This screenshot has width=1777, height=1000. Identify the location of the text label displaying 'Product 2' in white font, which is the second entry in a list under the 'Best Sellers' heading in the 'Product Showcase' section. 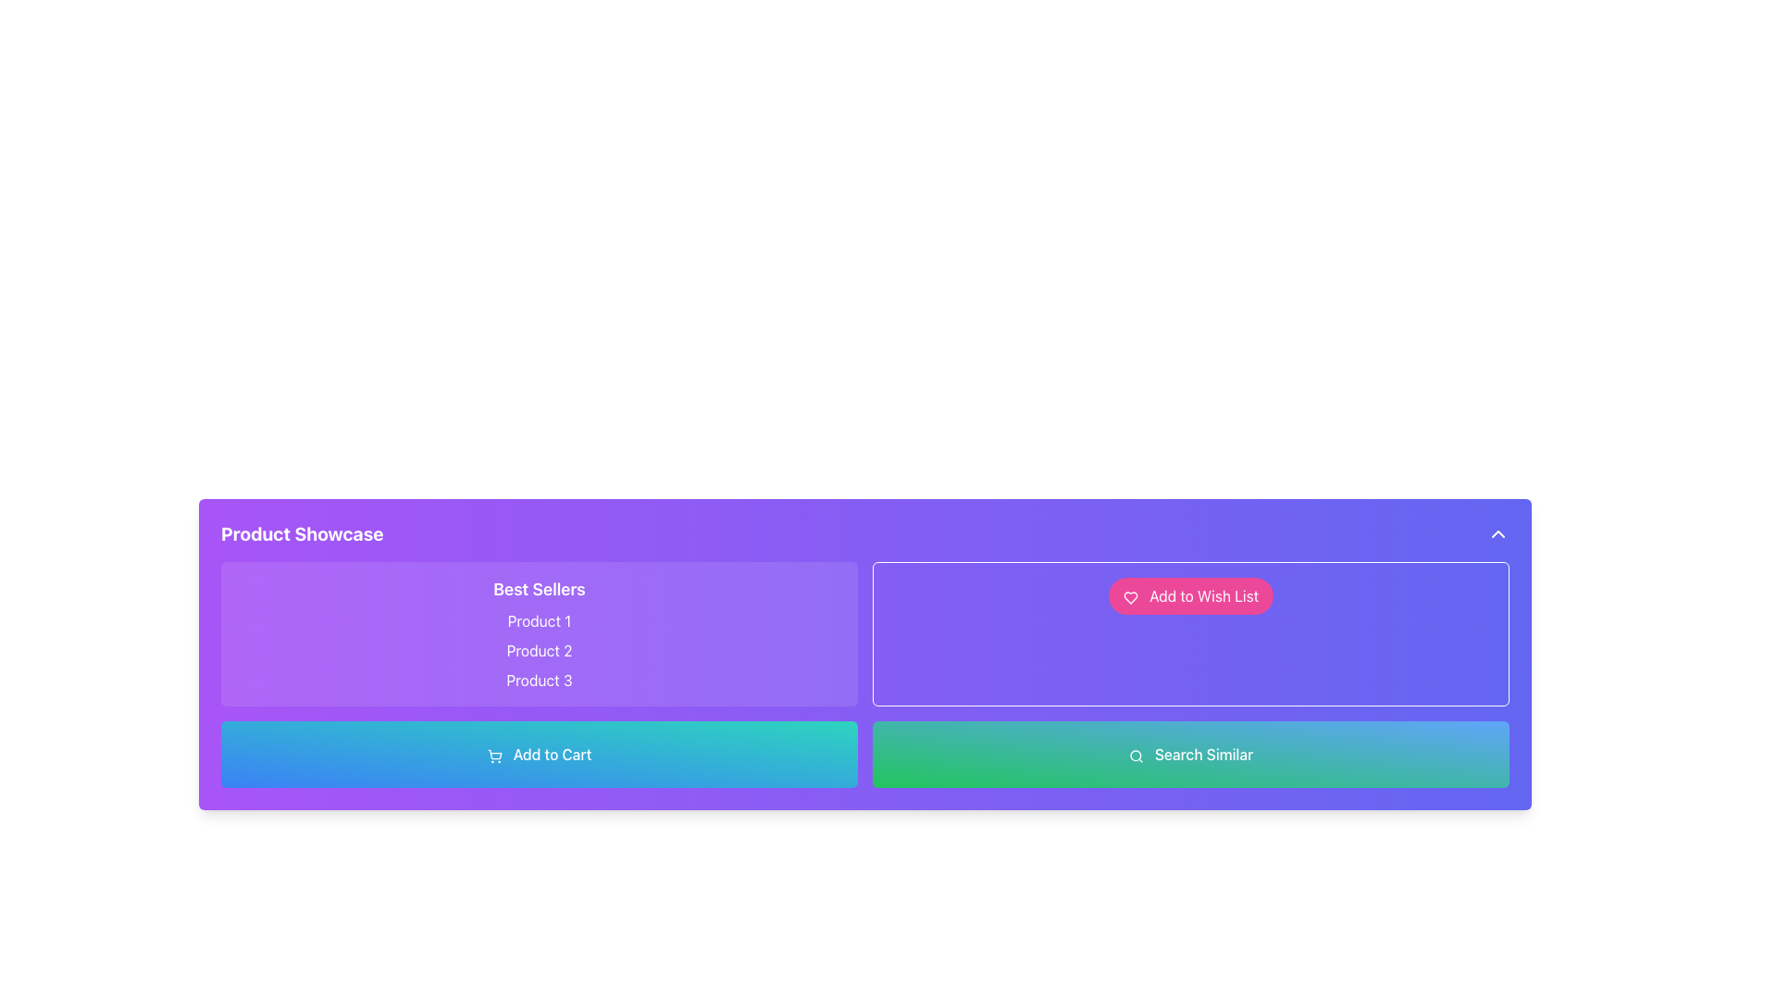
(538, 649).